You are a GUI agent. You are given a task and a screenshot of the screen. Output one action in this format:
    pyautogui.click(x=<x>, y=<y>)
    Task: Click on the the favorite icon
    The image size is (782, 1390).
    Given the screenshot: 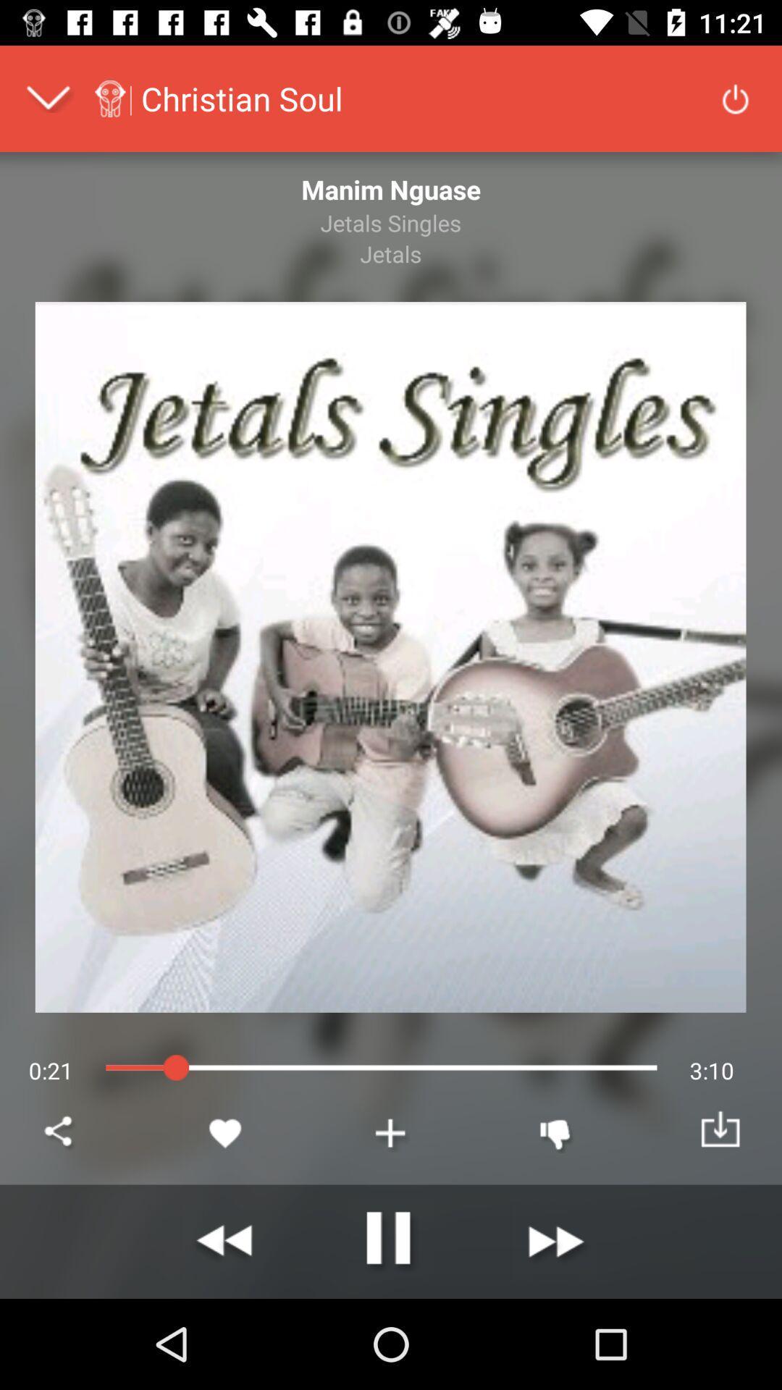 What is the action you would take?
    pyautogui.click(x=226, y=1132)
    